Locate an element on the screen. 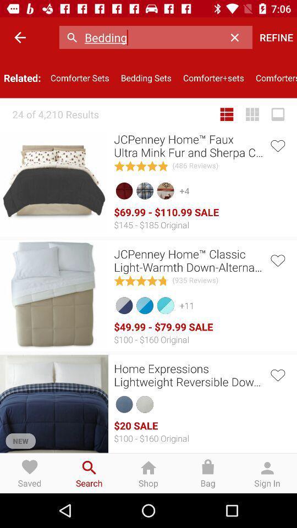 Image resolution: width=297 pixels, height=528 pixels. to favorites is located at coordinates (277, 374).